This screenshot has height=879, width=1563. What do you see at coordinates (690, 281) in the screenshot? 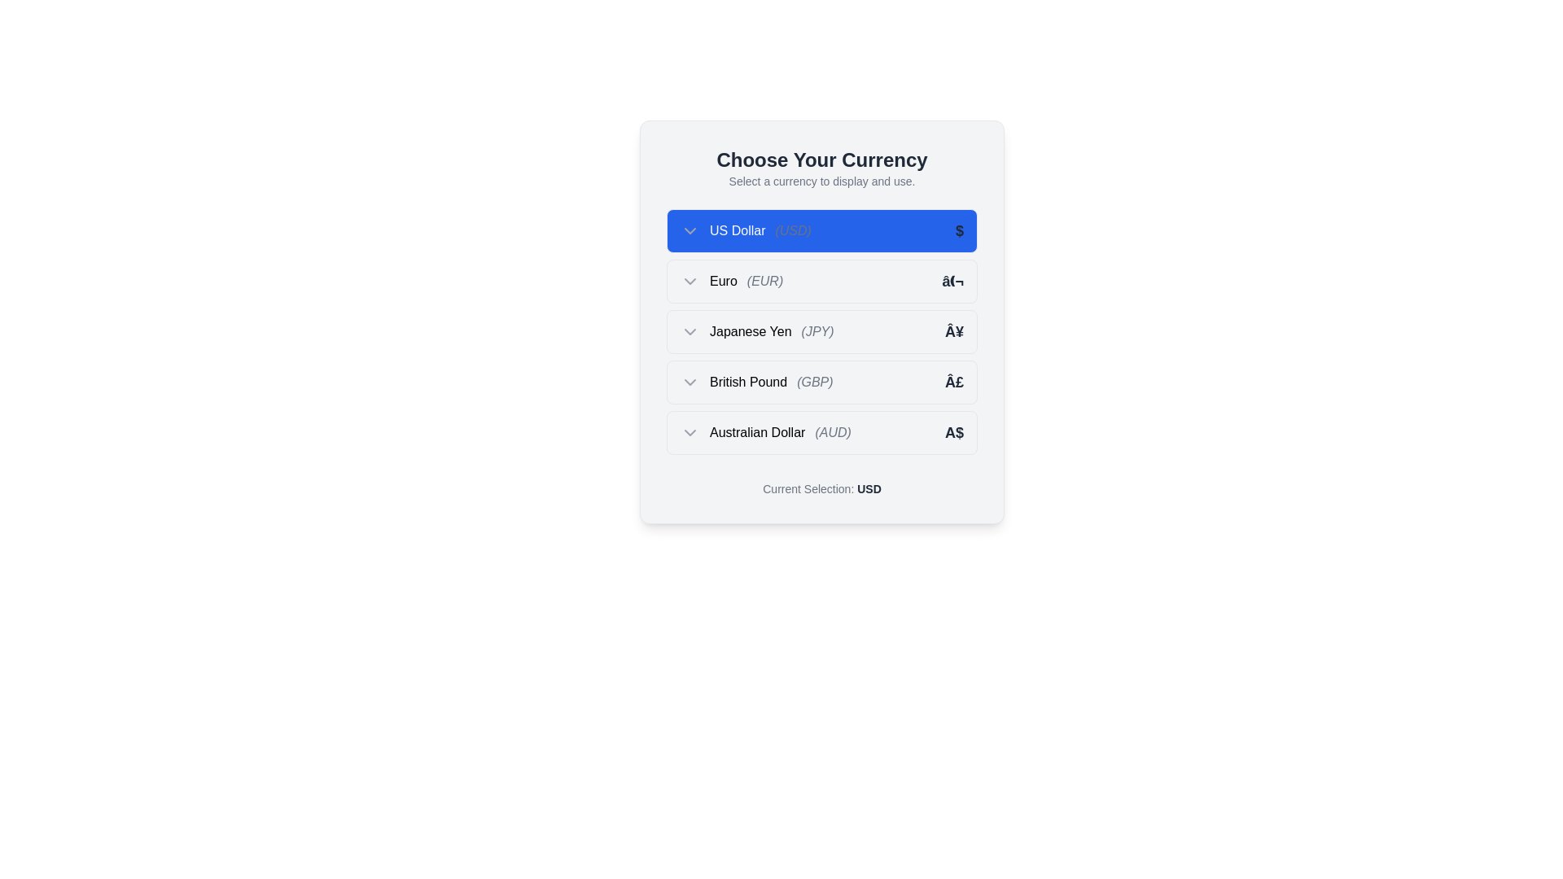
I see `the Chevron icon indicating dropdown functionality next to 'Euro (EUR)' in the second row` at bounding box center [690, 281].